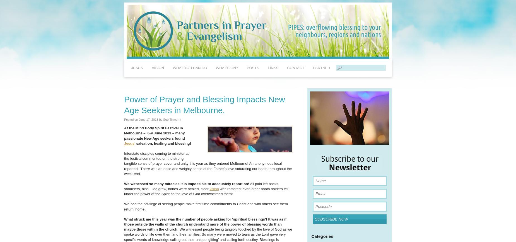  Describe the element at coordinates (154, 133) in the screenshot. I see `'At the Mind Body Spirit Festival in Melbourne –  6-9 June 2013 – many passionate New Age seekers found'` at that location.